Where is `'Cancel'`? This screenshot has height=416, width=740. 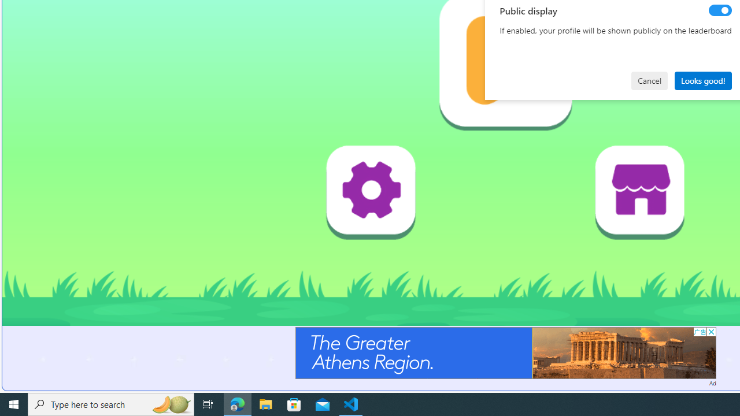
'Cancel' is located at coordinates (649, 80).